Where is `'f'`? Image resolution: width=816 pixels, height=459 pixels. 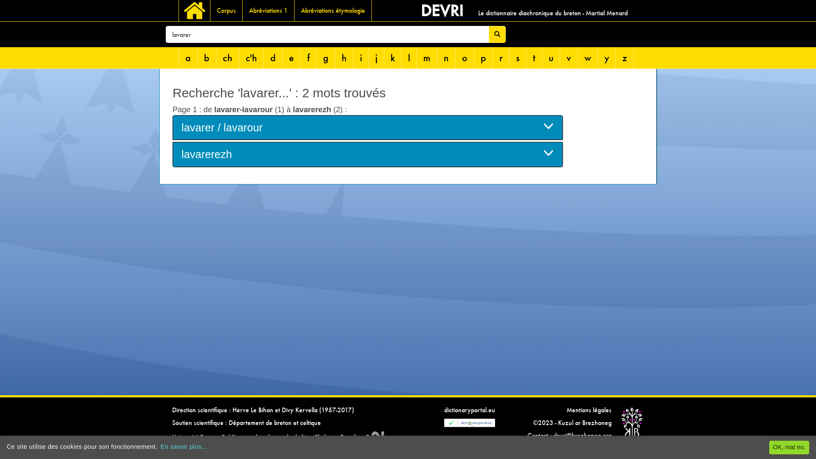
'f' is located at coordinates (308, 57).